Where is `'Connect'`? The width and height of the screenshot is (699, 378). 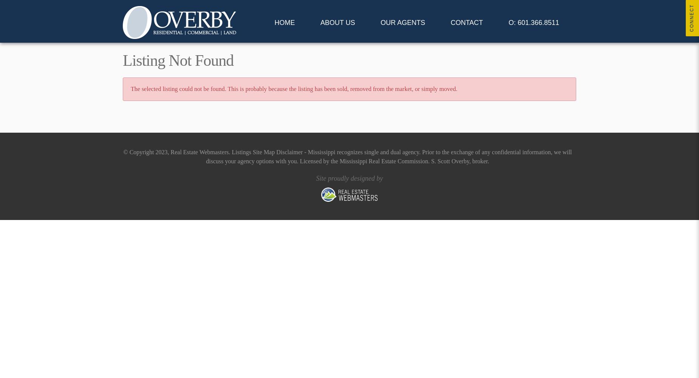 'Connect' is located at coordinates (691, 18).